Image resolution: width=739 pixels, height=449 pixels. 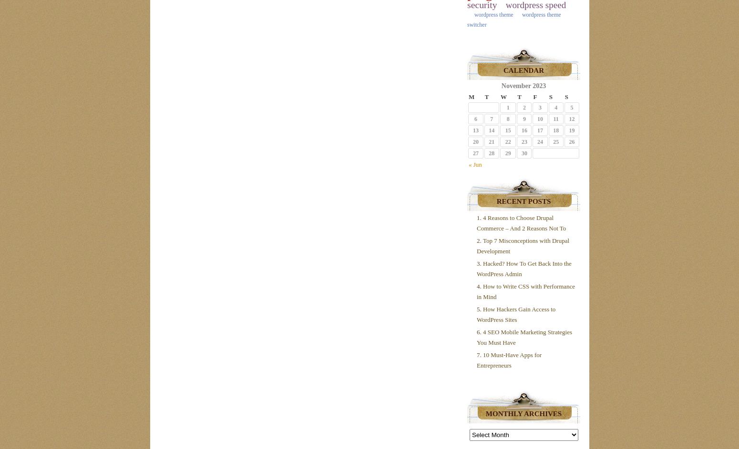 I want to click on '9', so click(x=523, y=119).